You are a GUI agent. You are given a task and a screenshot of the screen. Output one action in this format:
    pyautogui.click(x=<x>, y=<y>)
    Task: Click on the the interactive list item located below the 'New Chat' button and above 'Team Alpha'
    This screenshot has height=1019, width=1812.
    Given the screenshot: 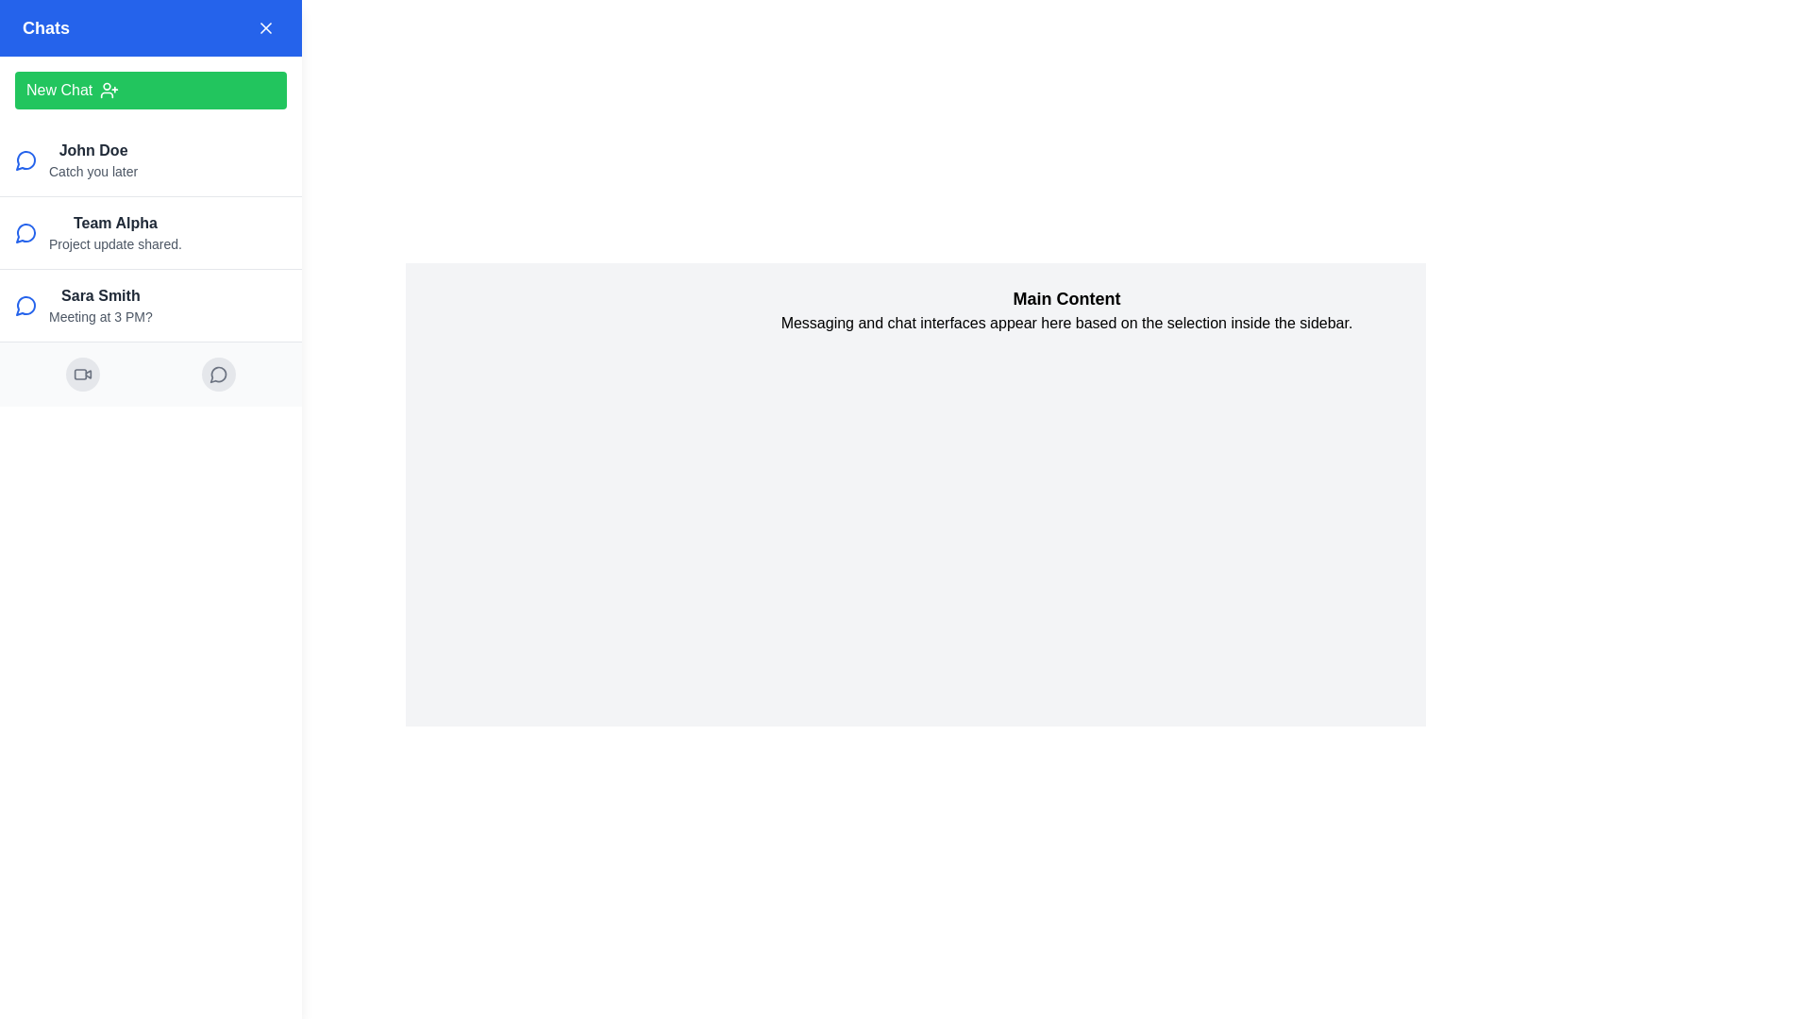 What is the action you would take?
    pyautogui.click(x=149, y=159)
    